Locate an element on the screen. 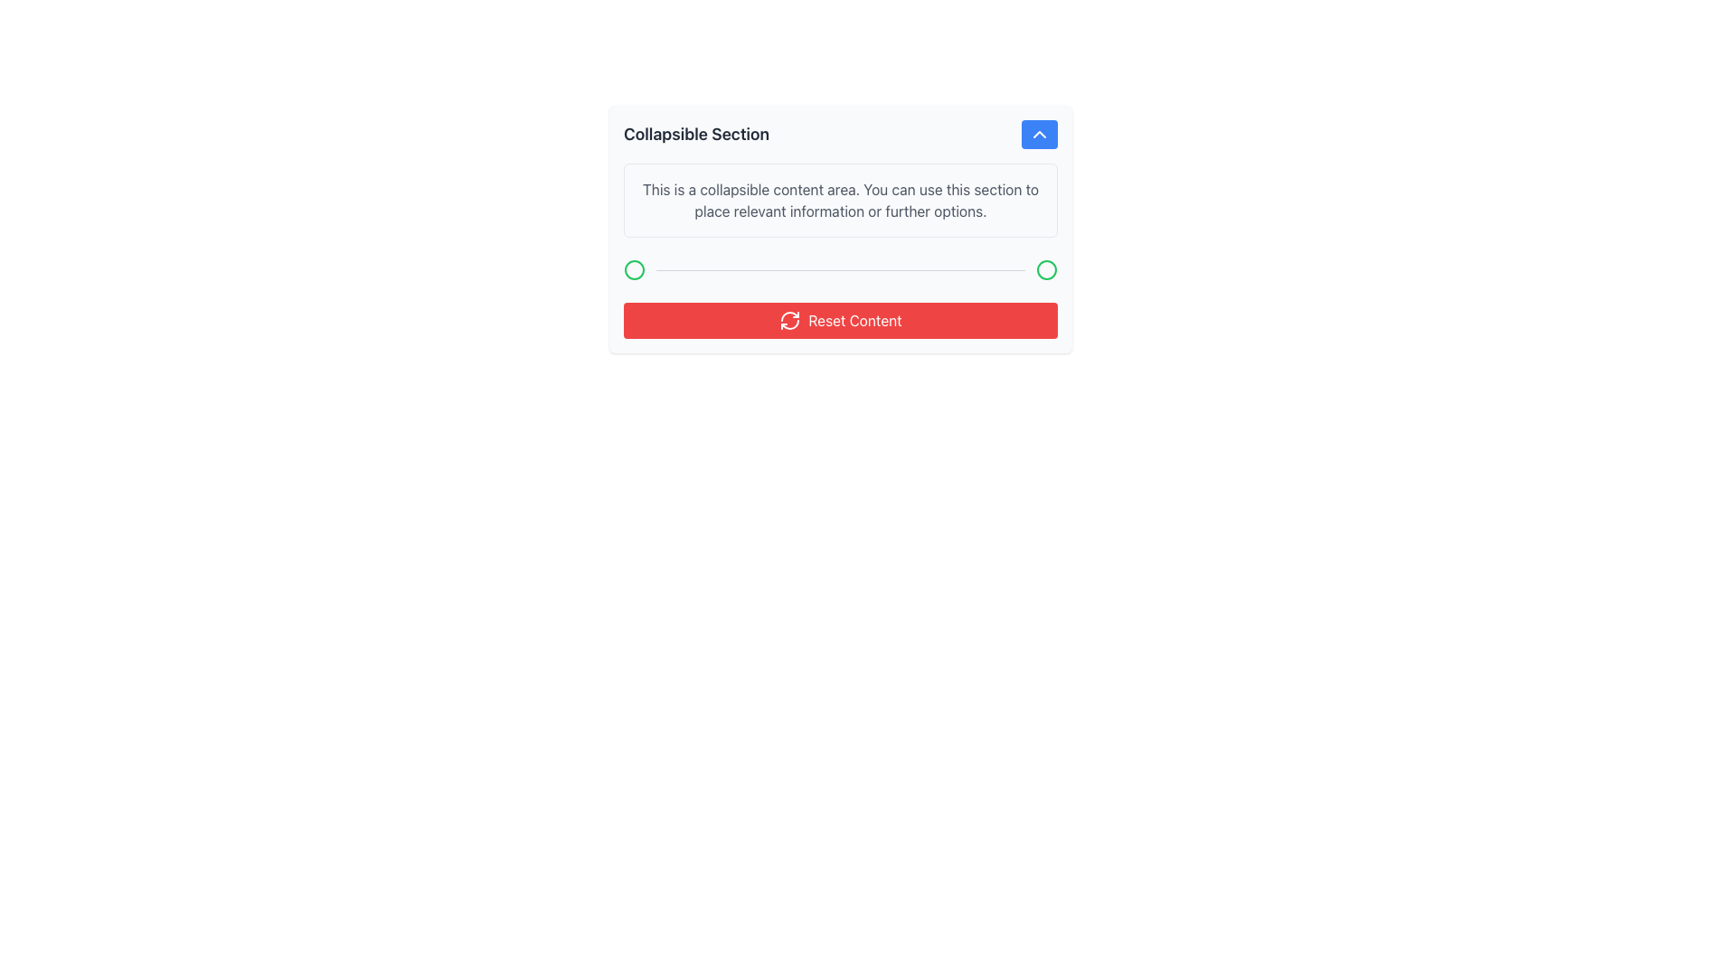  the circular outline green icon located at the far-right of a horizontal layout, adjacent to similar circular icons is located at coordinates (1046, 270).